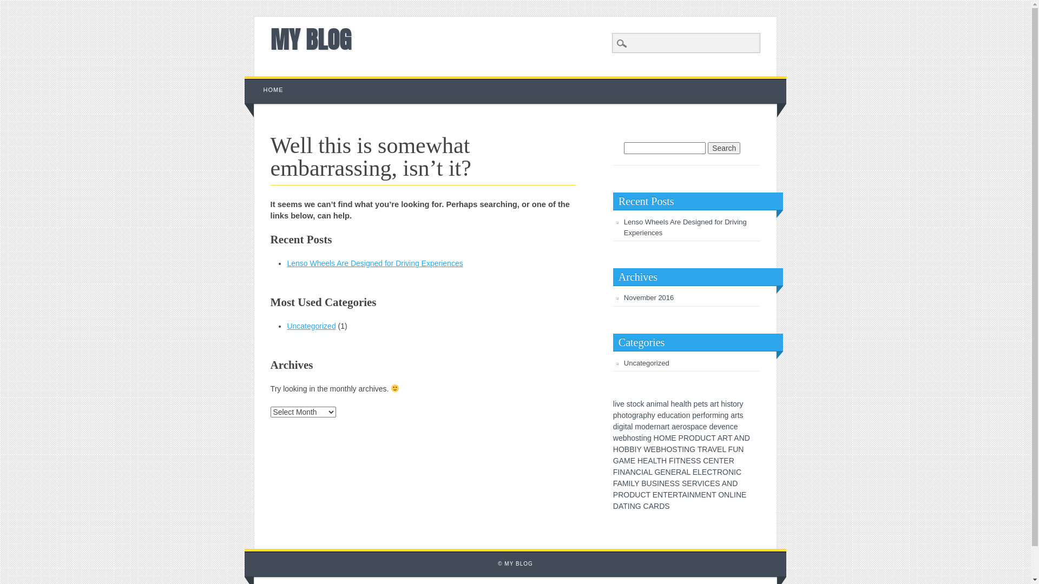  What do you see at coordinates (653, 449) in the screenshot?
I see `'E'` at bounding box center [653, 449].